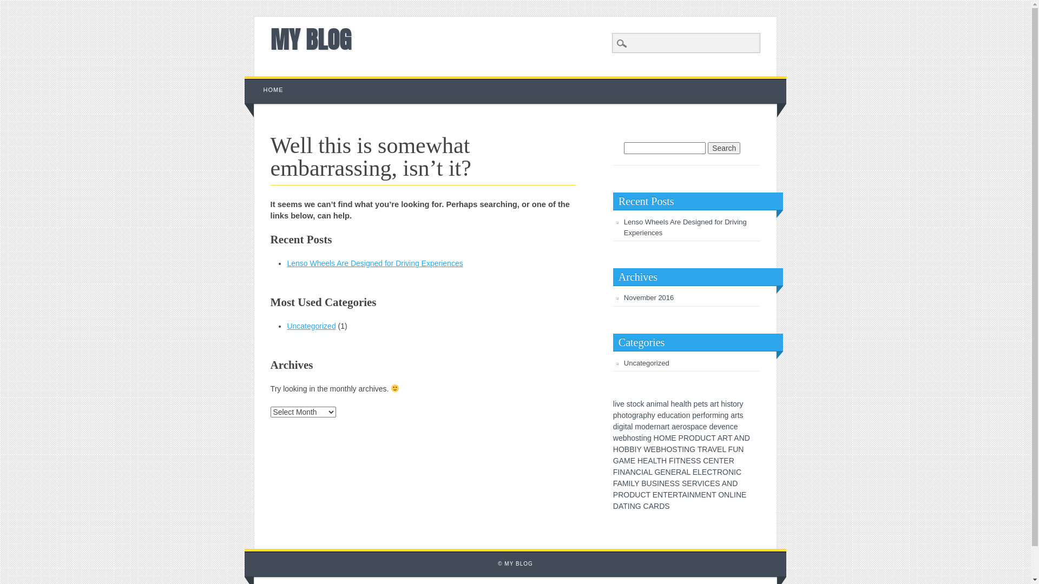  What do you see at coordinates (653, 449) in the screenshot?
I see `'E'` at bounding box center [653, 449].